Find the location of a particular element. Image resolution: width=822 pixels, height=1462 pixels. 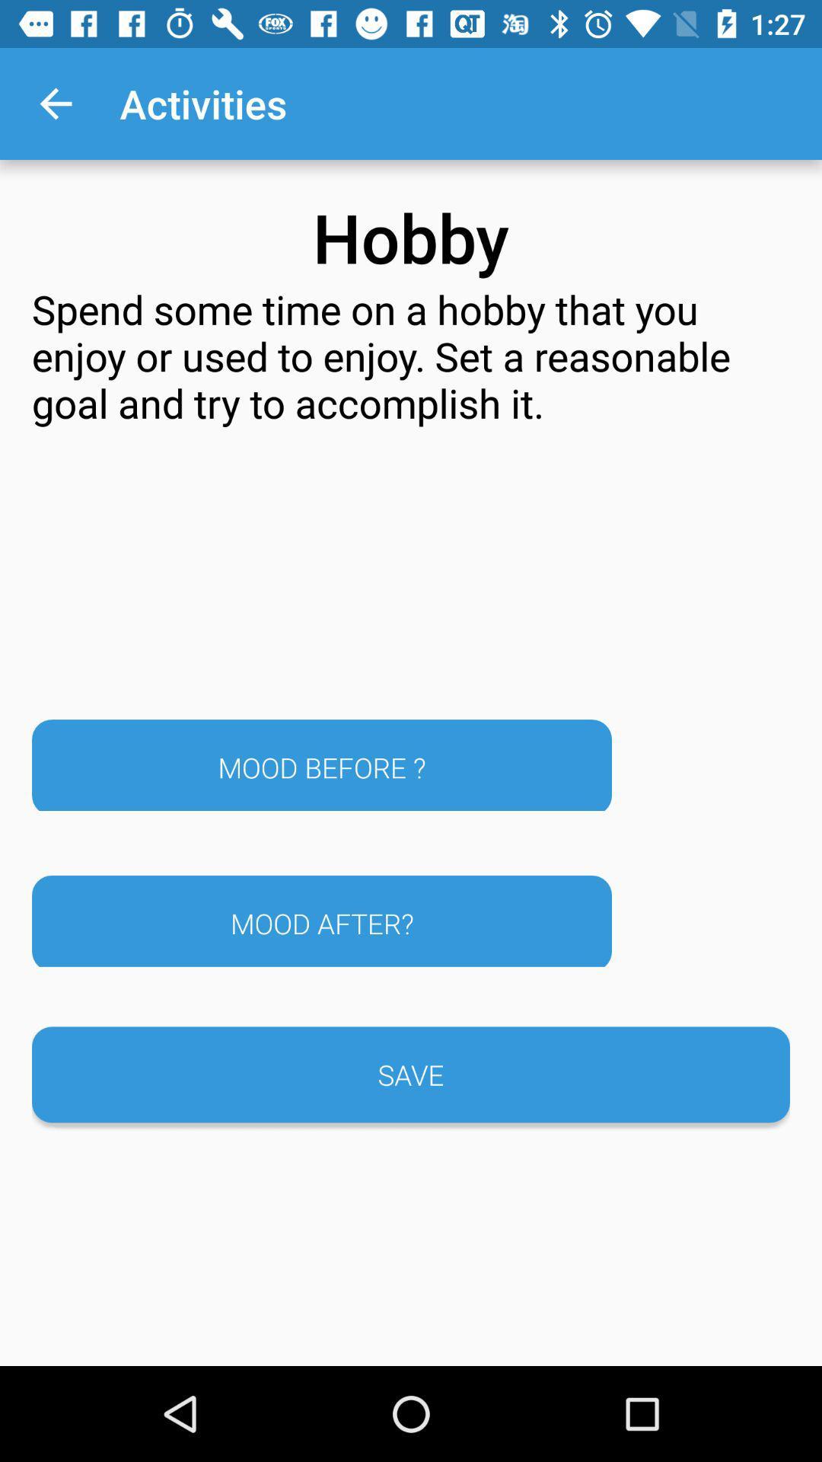

the app above the spend some time icon is located at coordinates (55, 103).